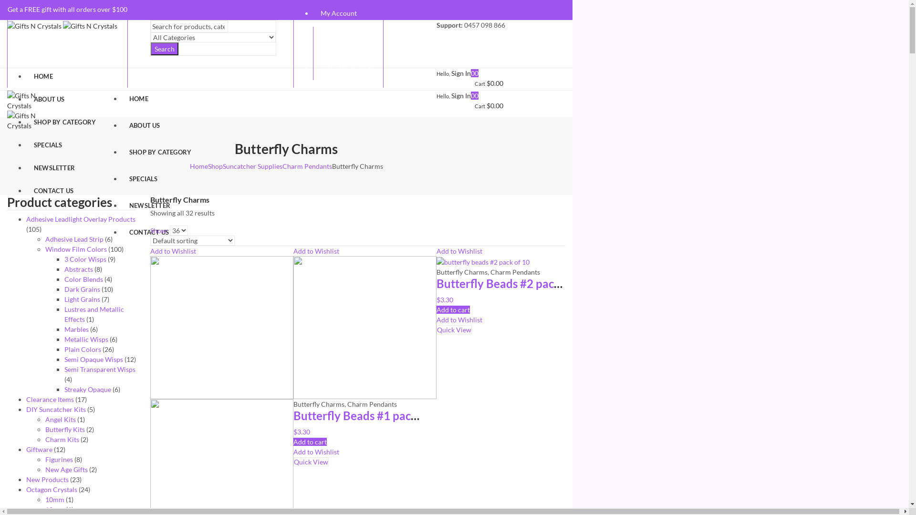 The width and height of the screenshot is (916, 515). What do you see at coordinates (489, 78) in the screenshot?
I see `'0` at bounding box center [489, 78].